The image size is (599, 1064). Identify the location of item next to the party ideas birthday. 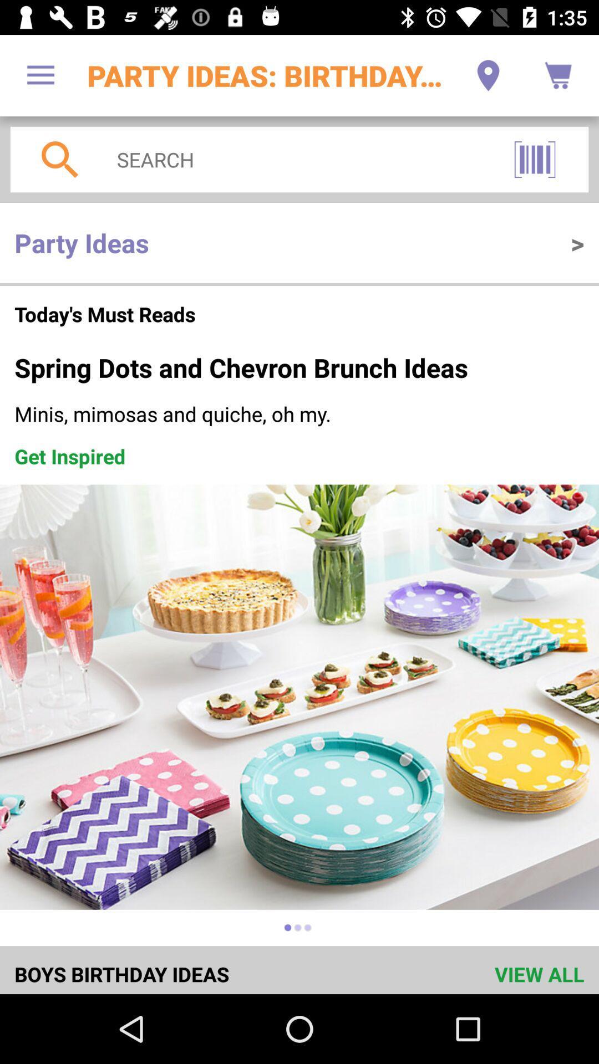
(488, 75).